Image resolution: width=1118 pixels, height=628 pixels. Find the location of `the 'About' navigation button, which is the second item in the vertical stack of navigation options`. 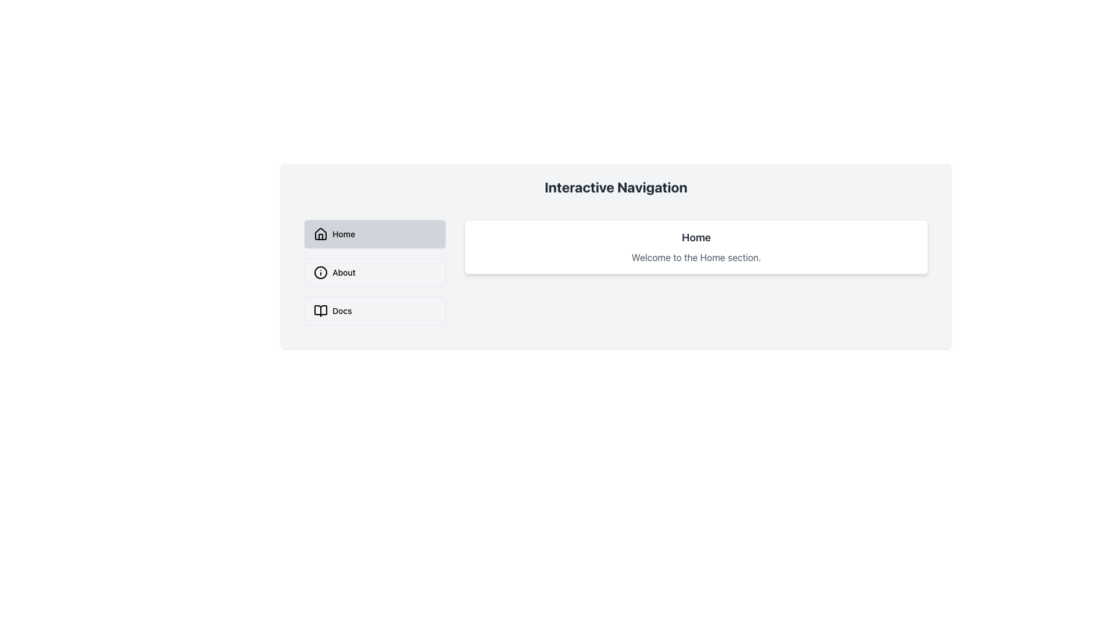

the 'About' navigation button, which is the second item in the vertical stack of navigation options is located at coordinates (374, 273).